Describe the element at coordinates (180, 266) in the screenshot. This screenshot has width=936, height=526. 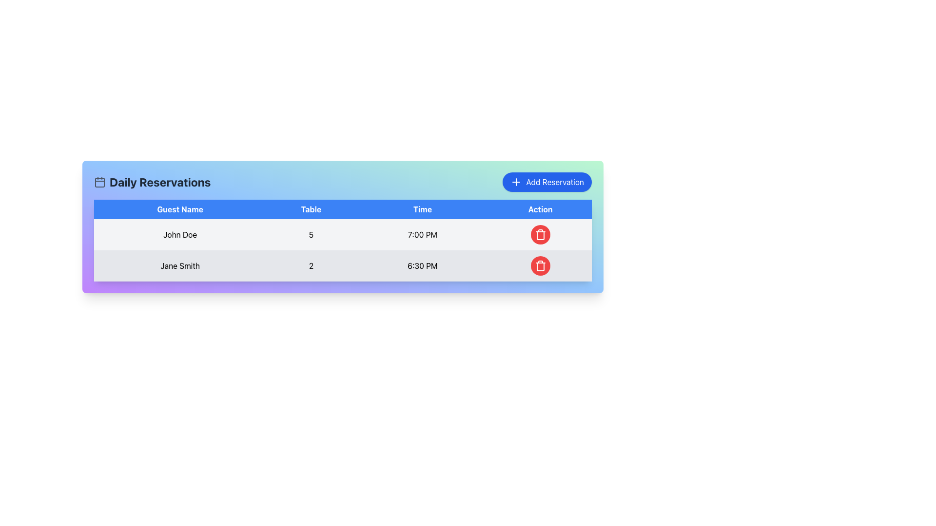
I see `the 'Guest Name' text label in the reservations list, which displays the name of a guest and is located in the second row of the table` at that location.